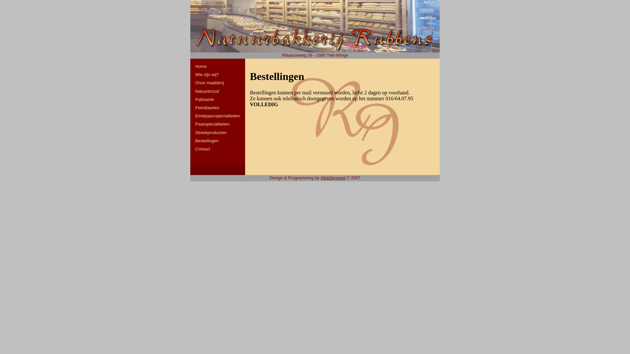 This screenshot has height=354, width=630. What do you see at coordinates (206, 74) in the screenshot?
I see `'Wie zijn wij?'` at bounding box center [206, 74].